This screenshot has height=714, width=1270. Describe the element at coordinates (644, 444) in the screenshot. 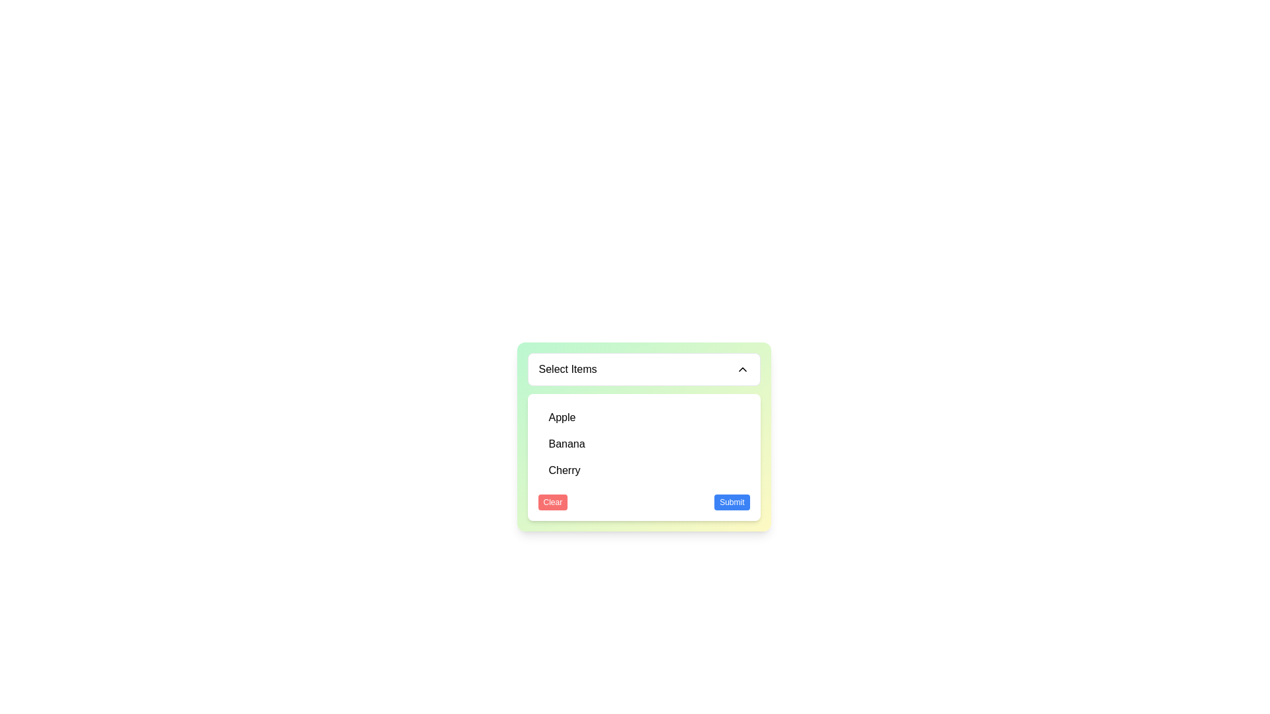

I see `the selectable list item labeled 'Banana'` at that location.